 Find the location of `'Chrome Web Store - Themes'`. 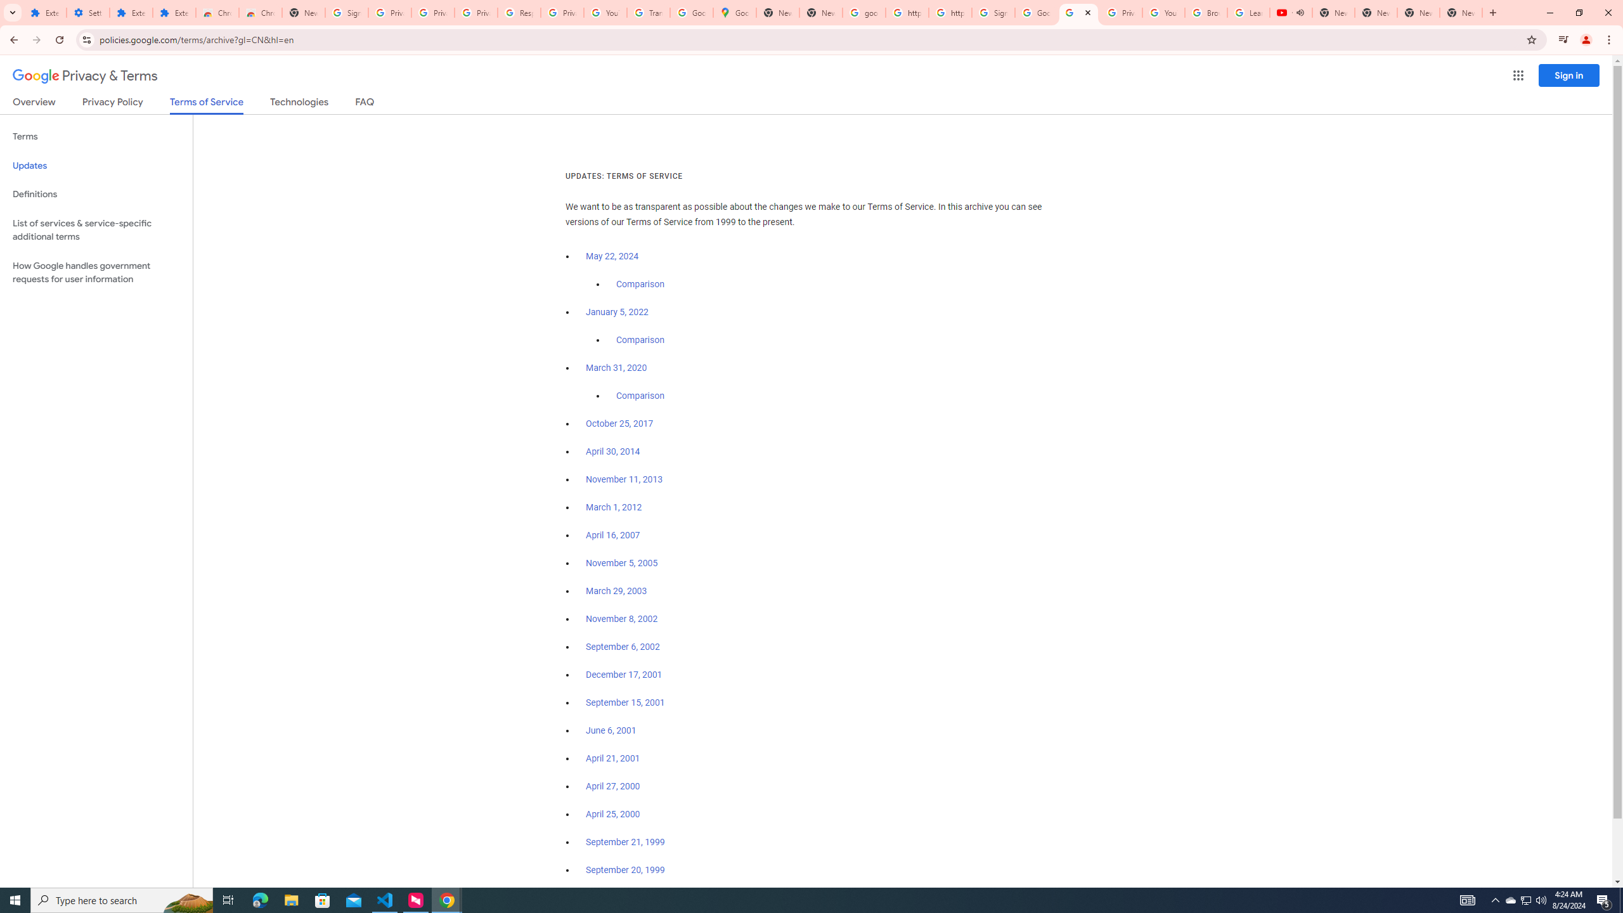

'Chrome Web Store - Themes' is located at coordinates (259, 12).